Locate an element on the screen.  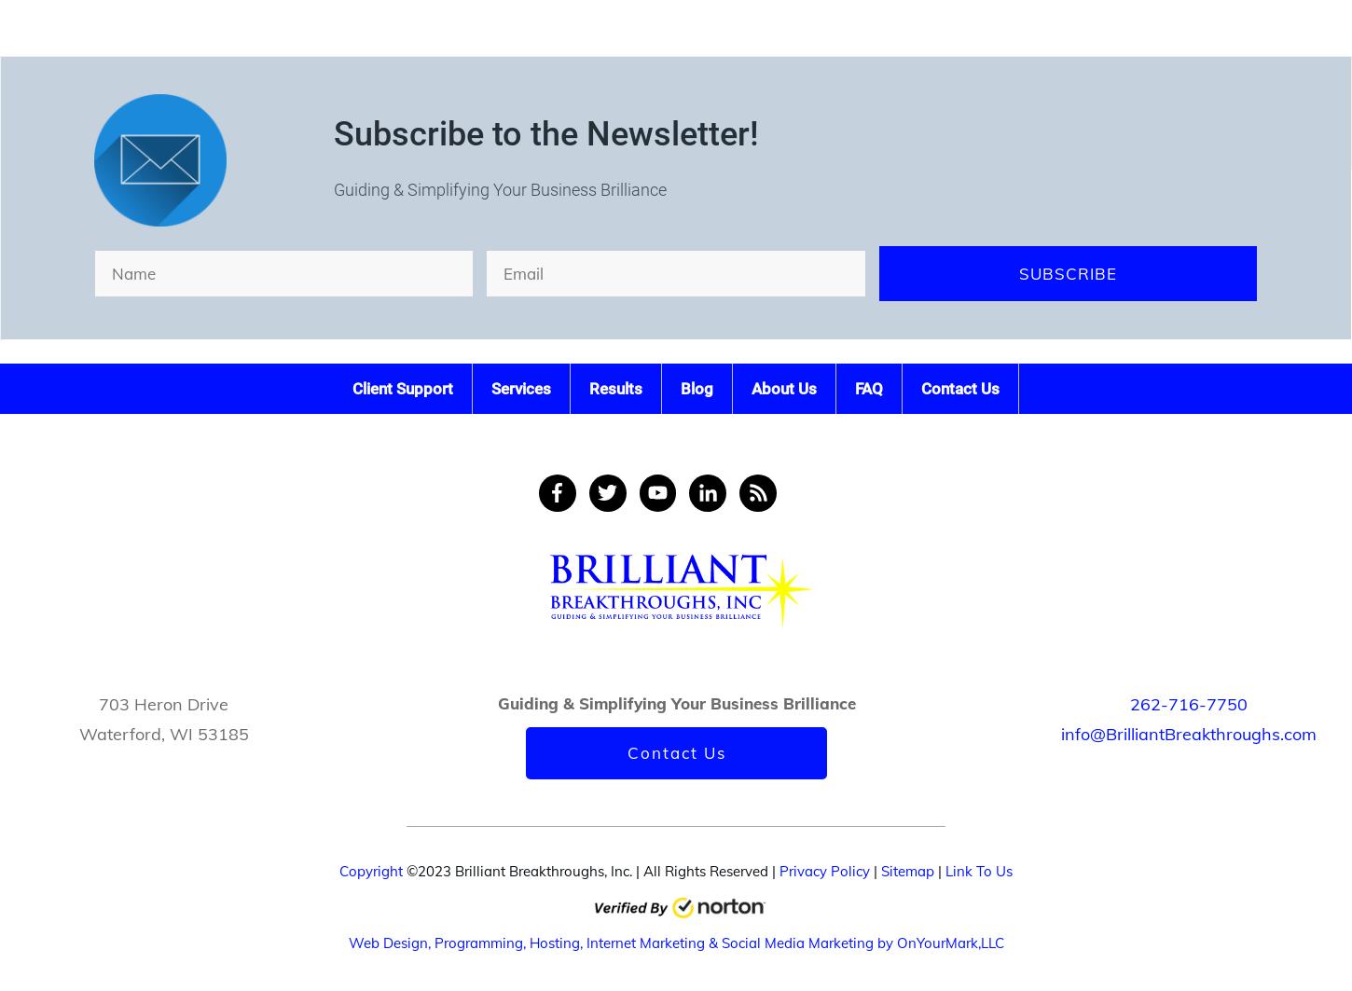
'Link To Us' is located at coordinates (978, 870).